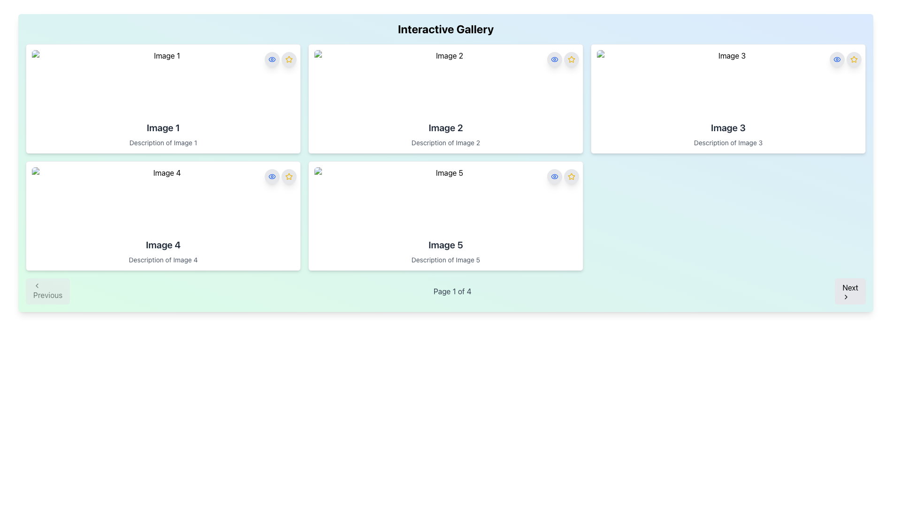 The image size is (901, 506). What do you see at coordinates (837, 60) in the screenshot?
I see `the visibility toggle icon resembling an eye located in the top-right corner of the 'Image 3' card` at bounding box center [837, 60].